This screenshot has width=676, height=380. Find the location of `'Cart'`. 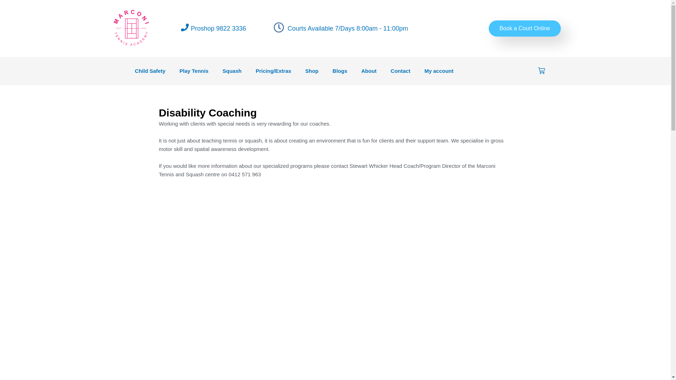

'Cart' is located at coordinates (541, 71).